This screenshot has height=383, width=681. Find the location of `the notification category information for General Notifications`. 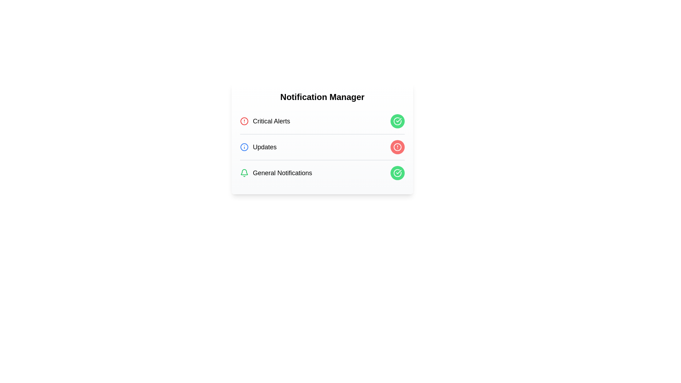

the notification category information for General Notifications is located at coordinates (276, 173).